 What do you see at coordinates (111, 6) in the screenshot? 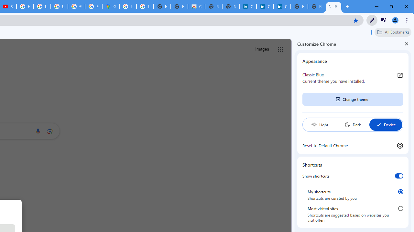
I see `'Google Maps'` at bounding box center [111, 6].